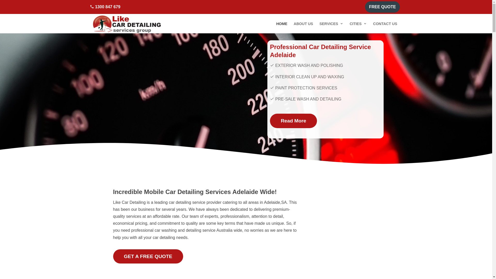 The image size is (496, 279). What do you see at coordinates (331, 24) in the screenshot?
I see `'SERVICES'` at bounding box center [331, 24].